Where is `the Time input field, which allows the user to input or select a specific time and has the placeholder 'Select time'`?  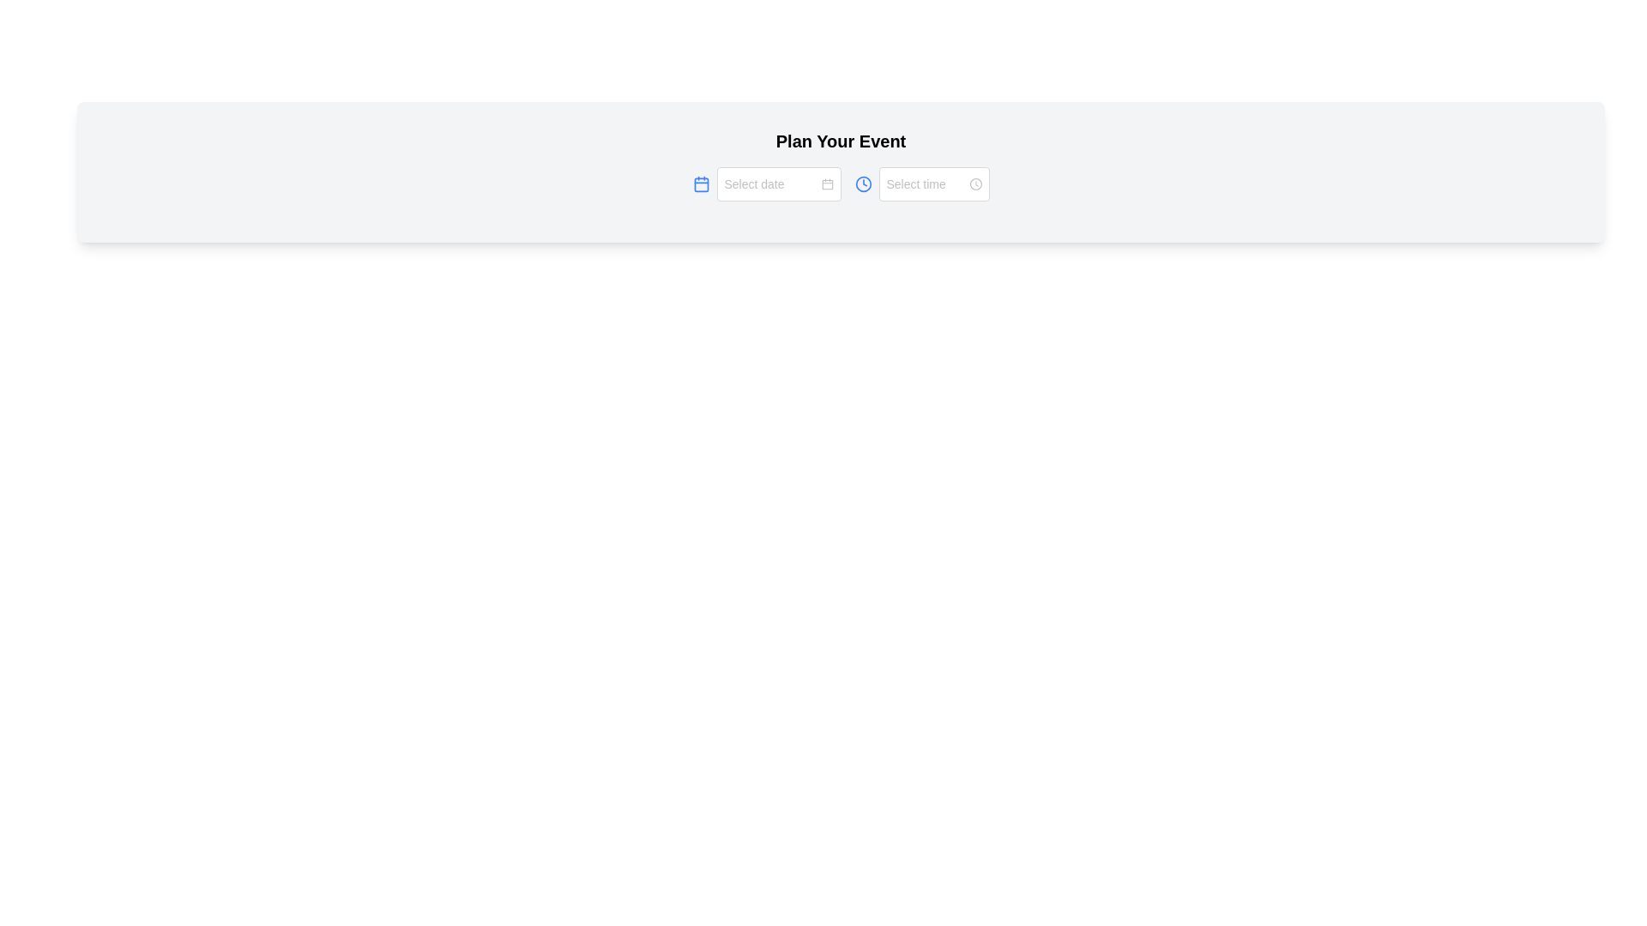
the Time input field, which allows the user to input or select a specific time and has the placeholder 'Select time' is located at coordinates (933, 184).